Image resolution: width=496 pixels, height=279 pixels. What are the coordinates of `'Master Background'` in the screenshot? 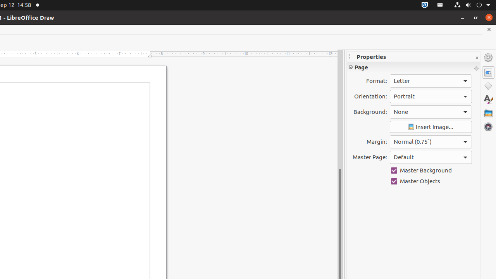 It's located at (430, 170).